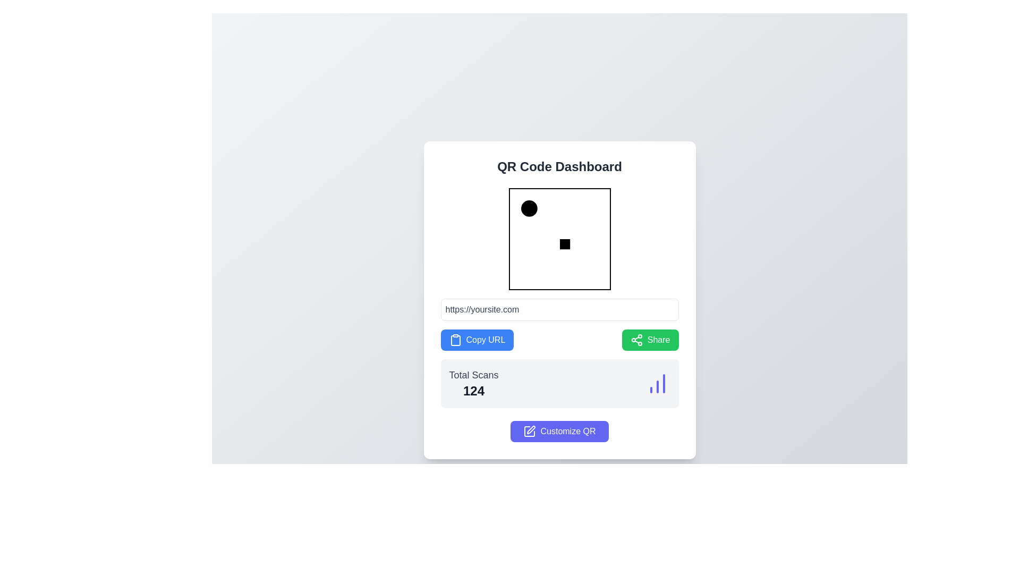  I want to click on graphical icon within the SVG element that indicates an editing or customization feature by opening the developer tools, so click(531, 429).